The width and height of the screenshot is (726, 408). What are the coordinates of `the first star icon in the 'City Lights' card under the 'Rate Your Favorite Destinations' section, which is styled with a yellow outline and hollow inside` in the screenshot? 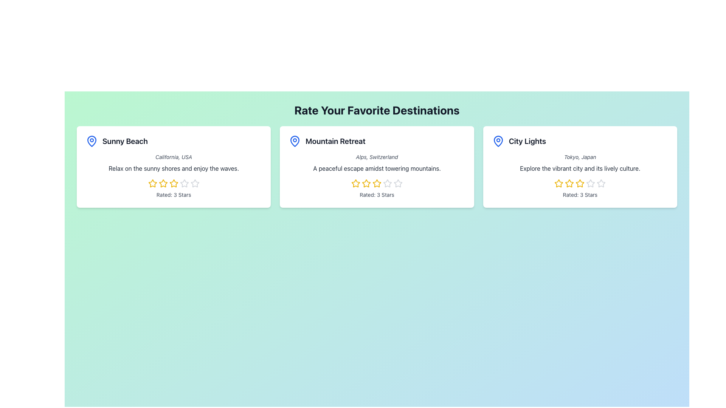 It's located at (559, 184).